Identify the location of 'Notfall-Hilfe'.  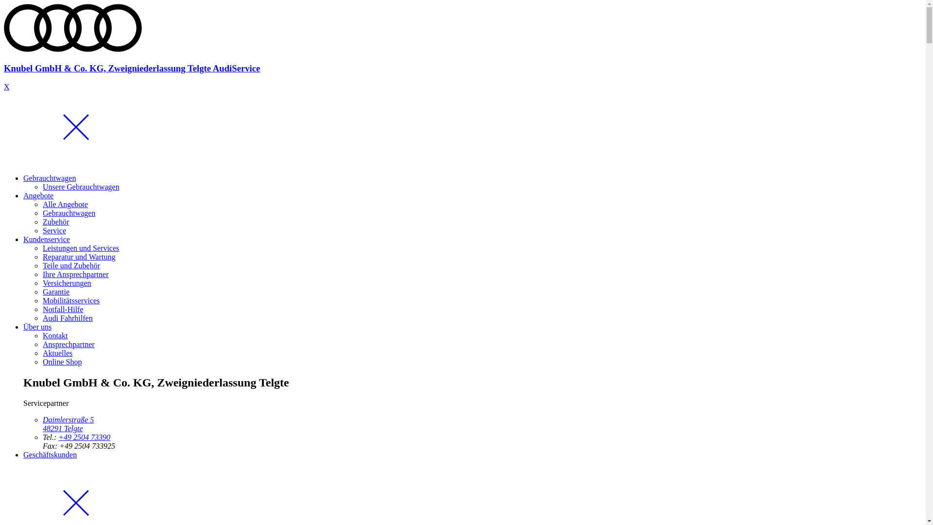
(42, 309).